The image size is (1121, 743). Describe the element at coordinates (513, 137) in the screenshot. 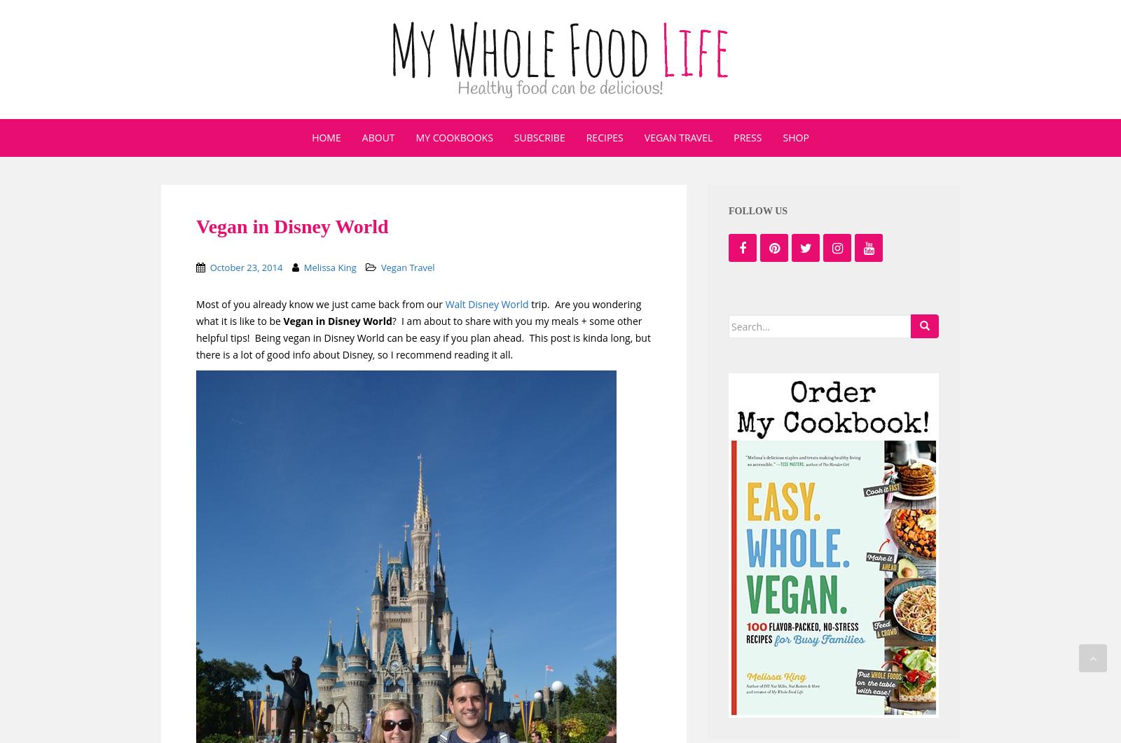

I see `'Subscribe'` at that location.